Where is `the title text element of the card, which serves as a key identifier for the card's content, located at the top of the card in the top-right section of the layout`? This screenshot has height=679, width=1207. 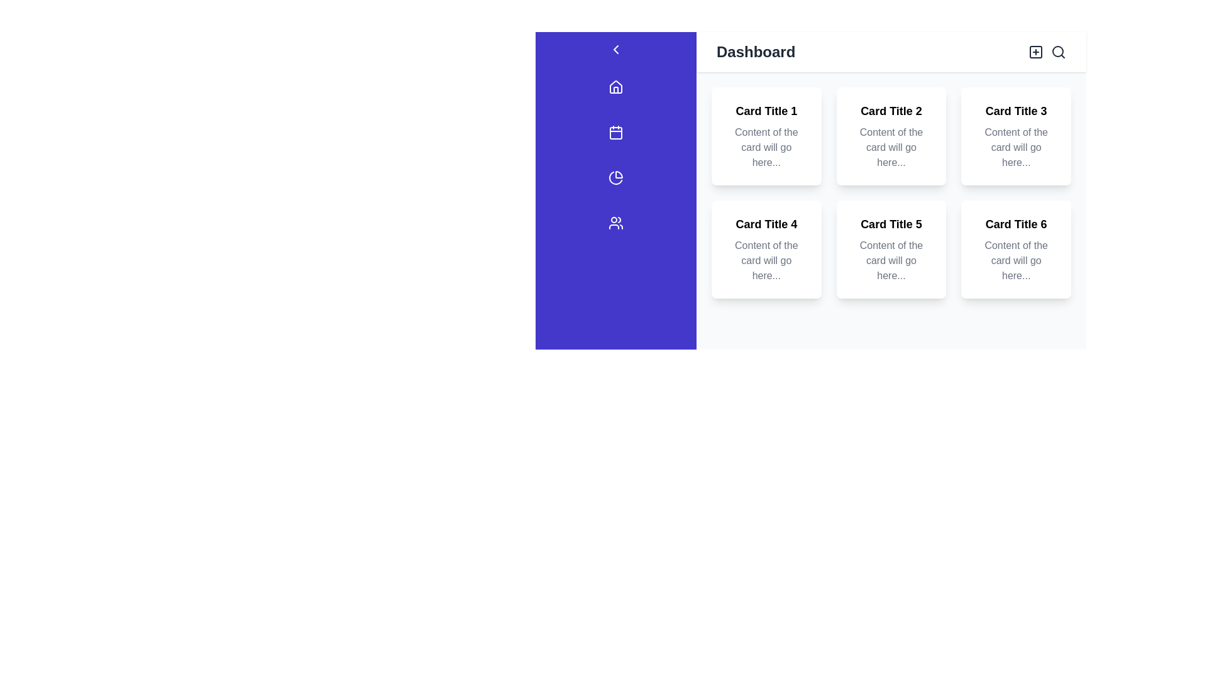 the title text element of the card, which serves as a key identifier for the card's content, located at the top of the card in the top-right section of the layout is located at coordinates (1016, 111).